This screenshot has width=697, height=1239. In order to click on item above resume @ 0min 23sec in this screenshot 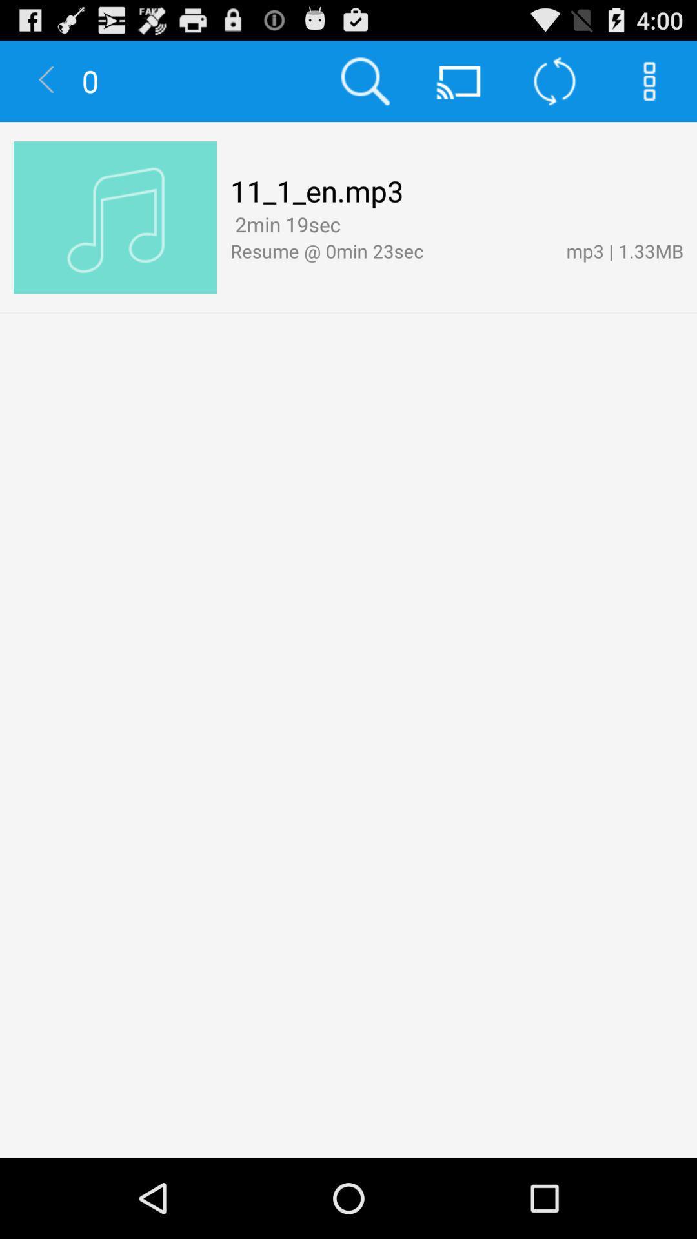, I will do `click(350, 226)`.